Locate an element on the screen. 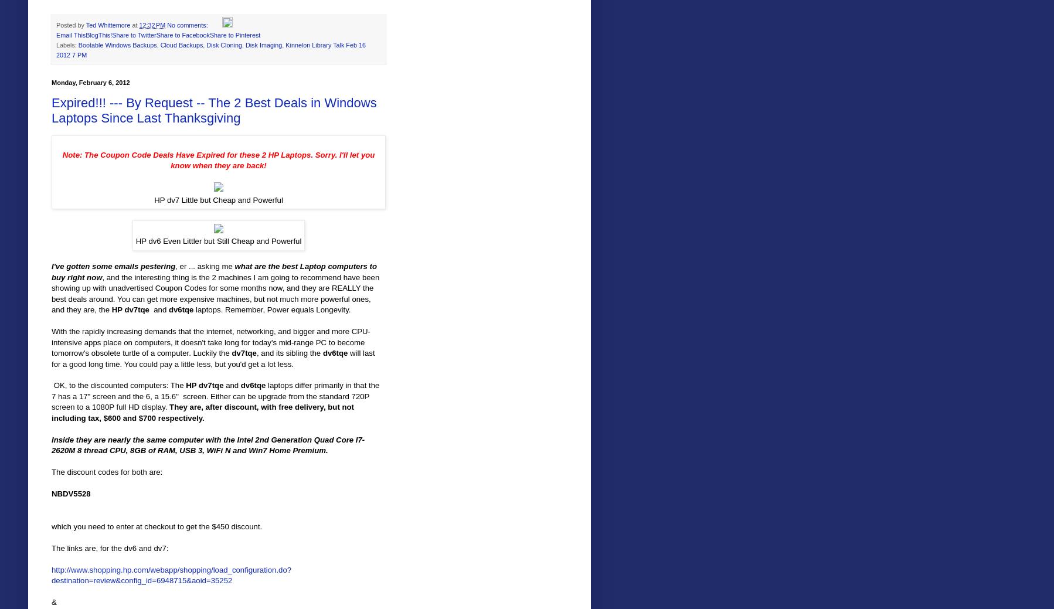 The width and height of the screenshot is (1054, 609). 'will last for a good long time. You could pay a little less, but you'd get a lot less.' is located at coordinates (212, 358).